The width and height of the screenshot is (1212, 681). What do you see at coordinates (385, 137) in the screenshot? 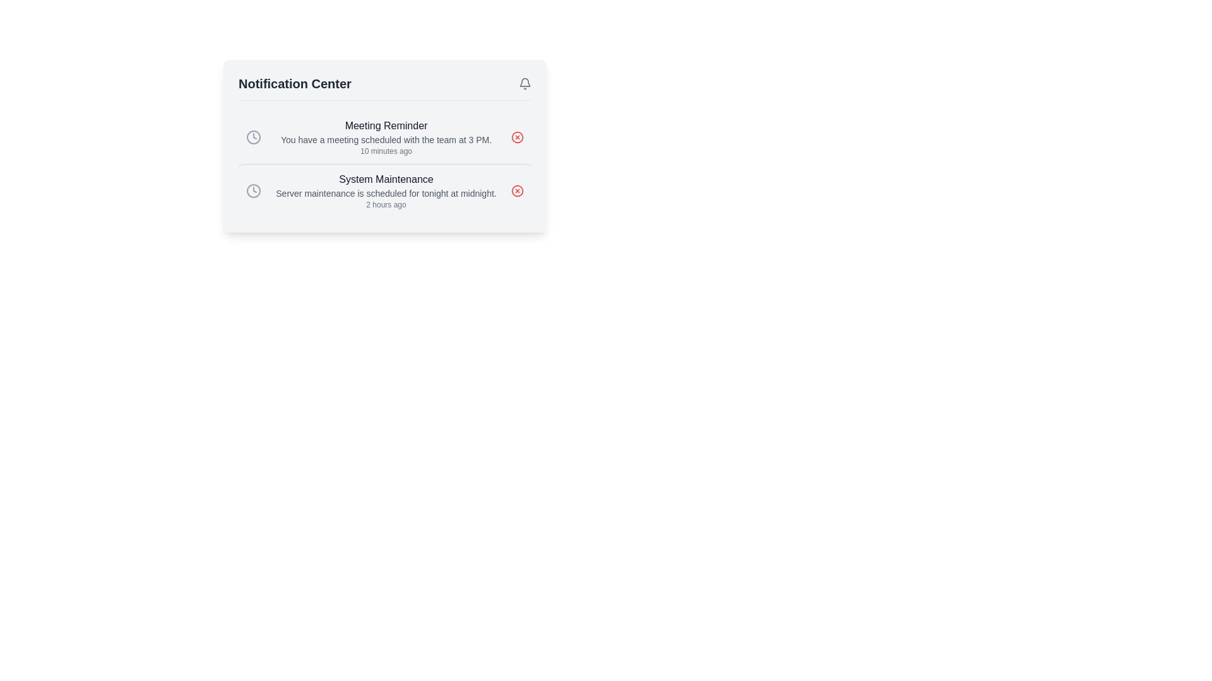
I see `the Text block in the Notification Center that notifies the user about an upcoming meeting, which is located in the second horizontal row below a clock icon and to the right of an 'X' button` at bounding box center [385, 137].